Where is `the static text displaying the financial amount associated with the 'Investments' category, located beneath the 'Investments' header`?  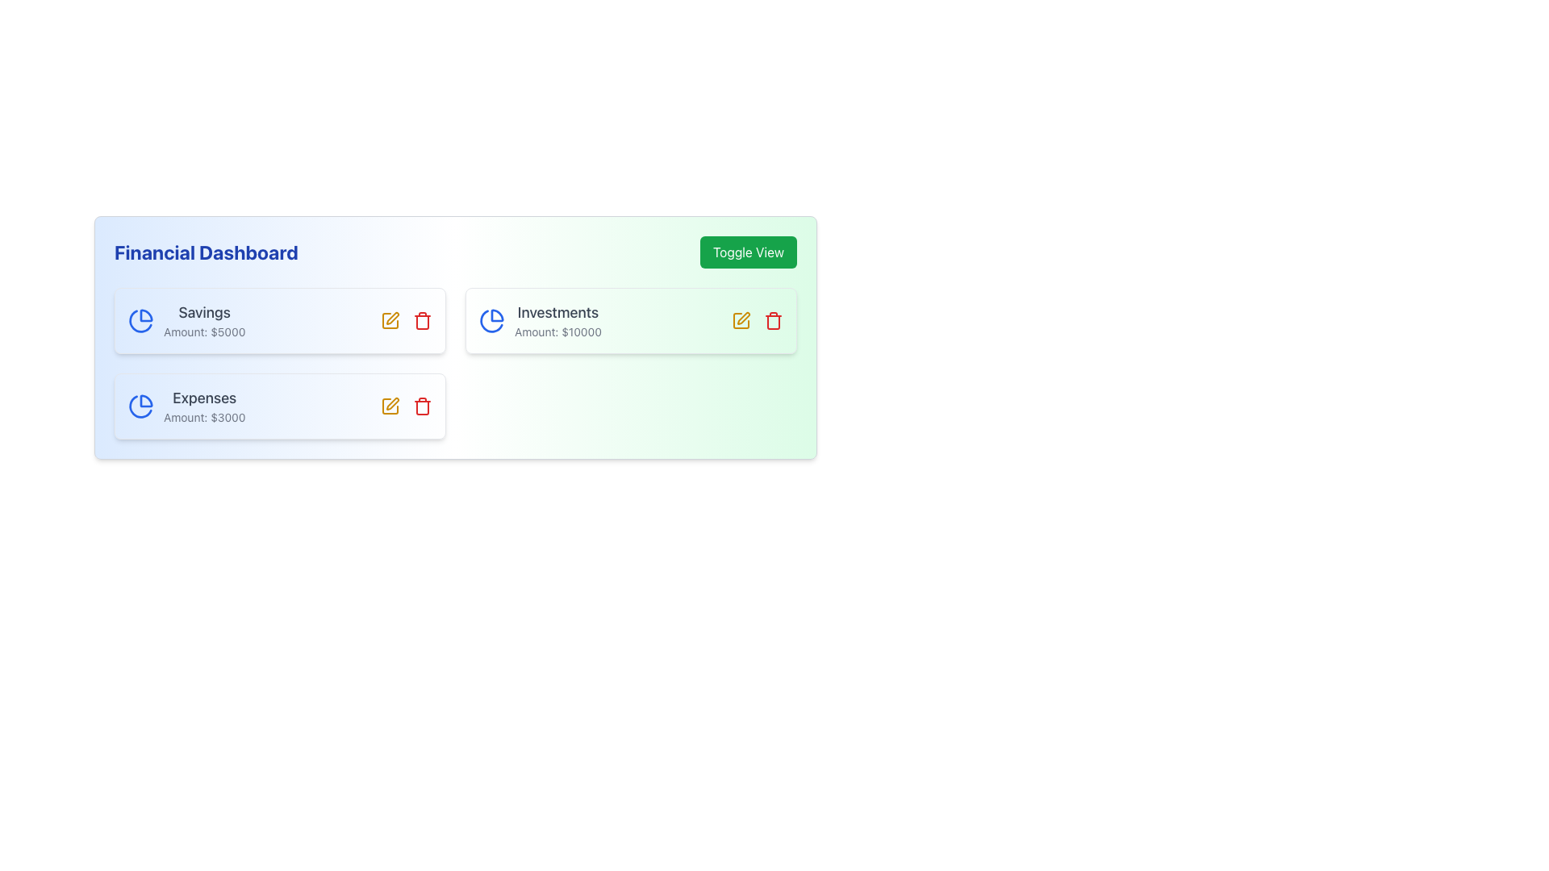 the static text displaying the financial amount associated with the 'Investments' category, located beneath the 'Investments' header is located at coordinates (557, 331).